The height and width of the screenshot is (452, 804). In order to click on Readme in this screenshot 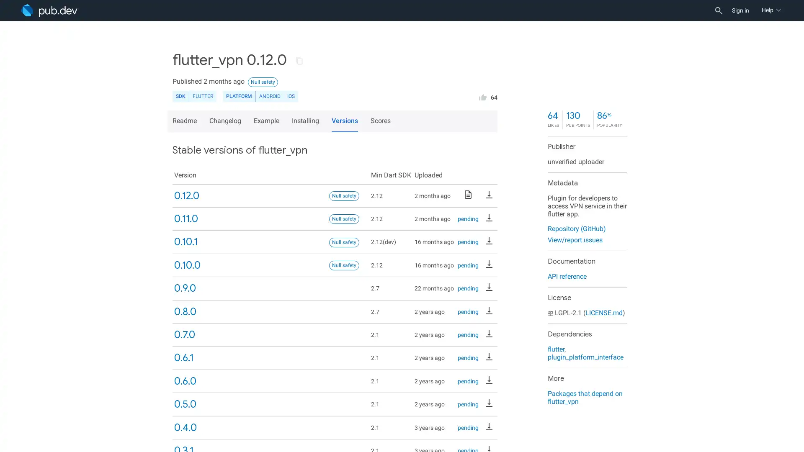, I will do `click(186, 121)`.